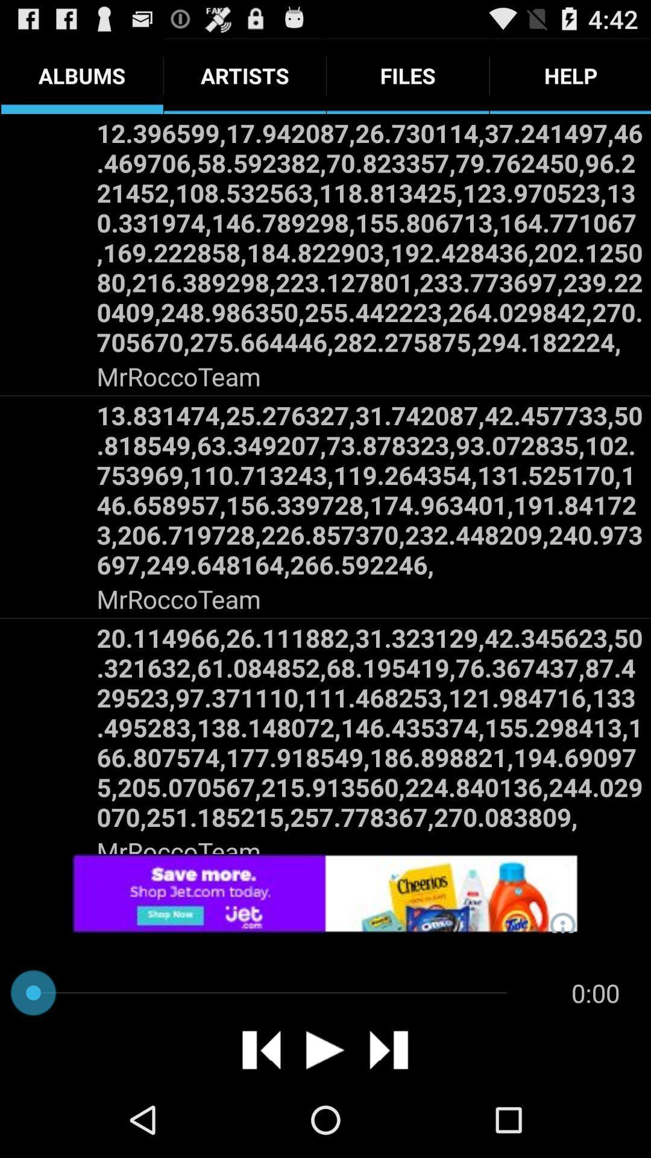 The height and width of the screenshot is (1158, 651). What do you see at coordinates (260, 1123) in the screenshot?
I see `the skip_previous icon` at bounding box center [260, 1123].